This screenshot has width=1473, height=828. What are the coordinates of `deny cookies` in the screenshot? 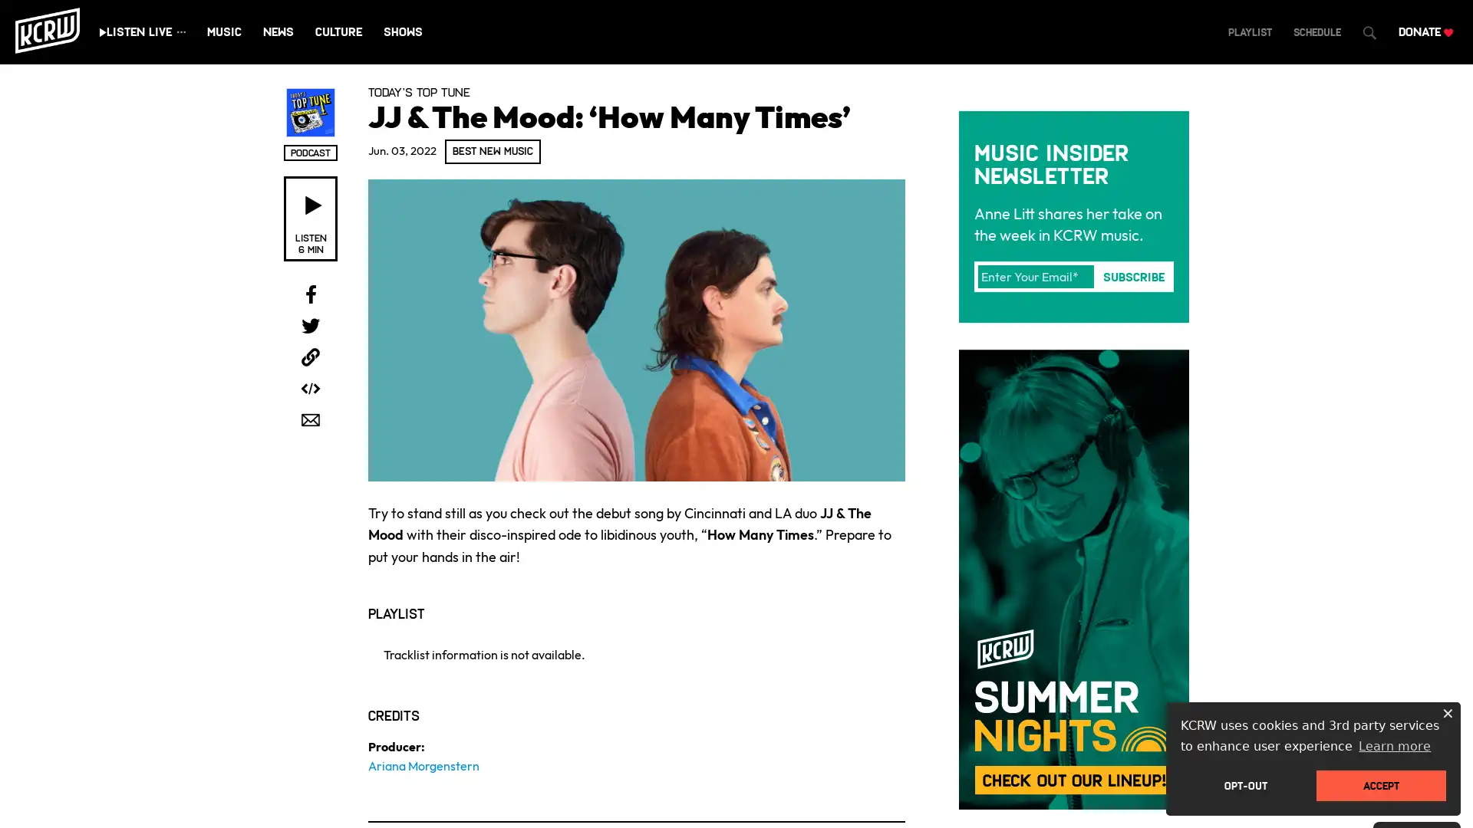 It's located at (1245, 785).